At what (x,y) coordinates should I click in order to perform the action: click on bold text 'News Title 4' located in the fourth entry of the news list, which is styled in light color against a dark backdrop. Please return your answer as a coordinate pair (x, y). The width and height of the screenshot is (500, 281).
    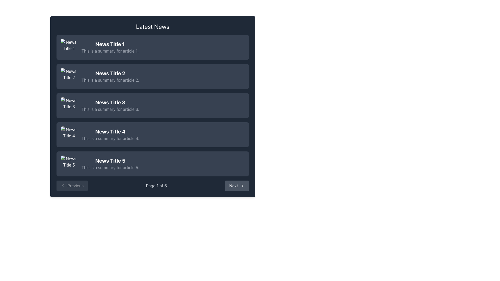
    Looking at the image, I should click on (110, 131).